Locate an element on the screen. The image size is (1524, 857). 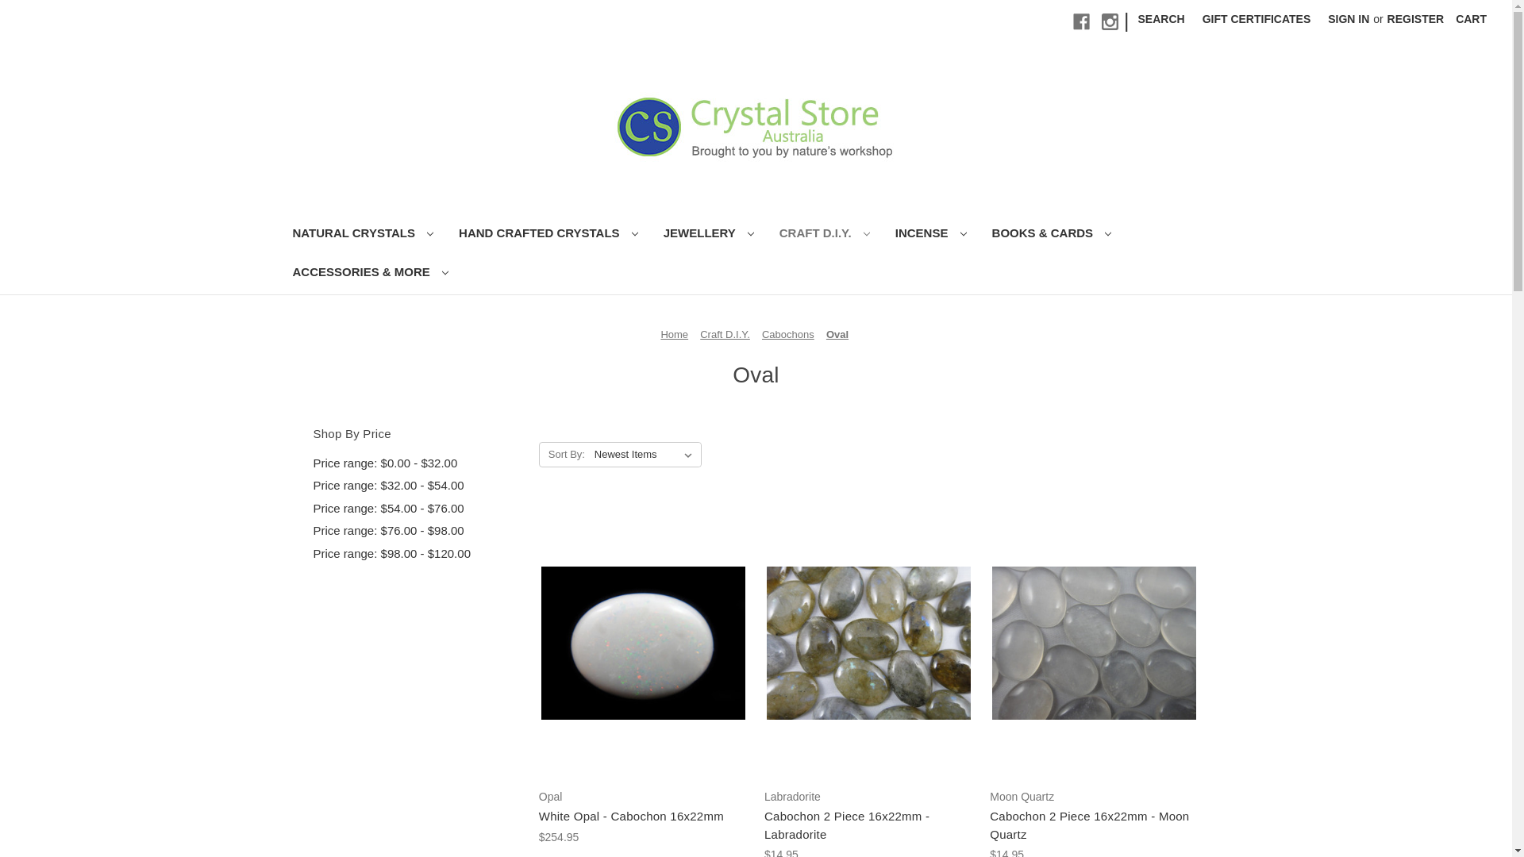
'CRAFT D.I.Y.' is located at coordinates (766, 235).